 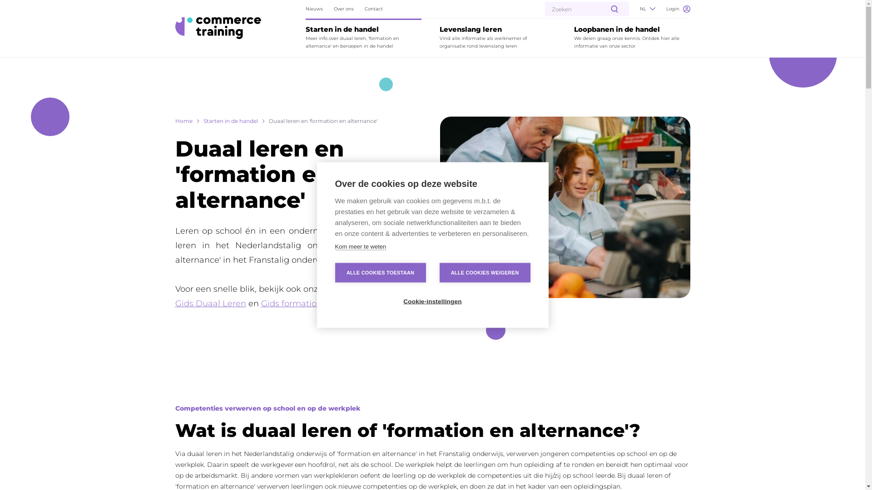 What do you see at coordinates (665, 9) in the screenshot?
I see `'Login'` at bounding box center [665, 9].